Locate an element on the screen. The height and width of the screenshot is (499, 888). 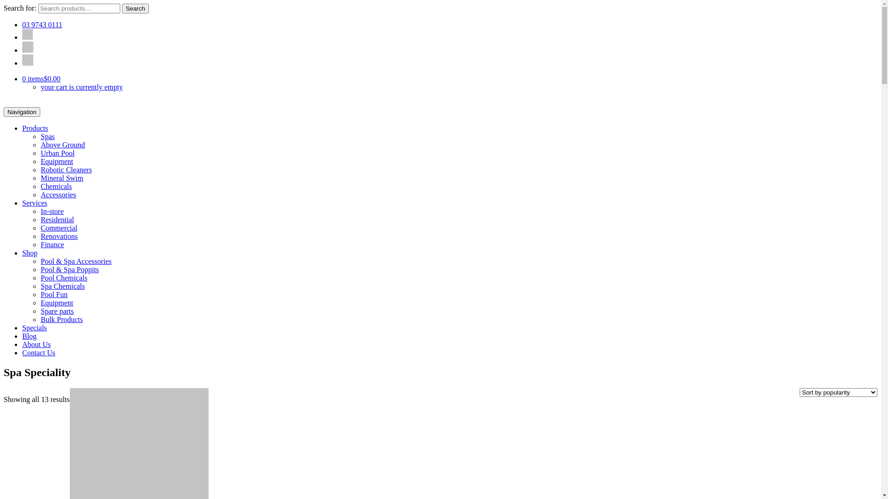
'Renovations' is located at coordinates (59, 236).